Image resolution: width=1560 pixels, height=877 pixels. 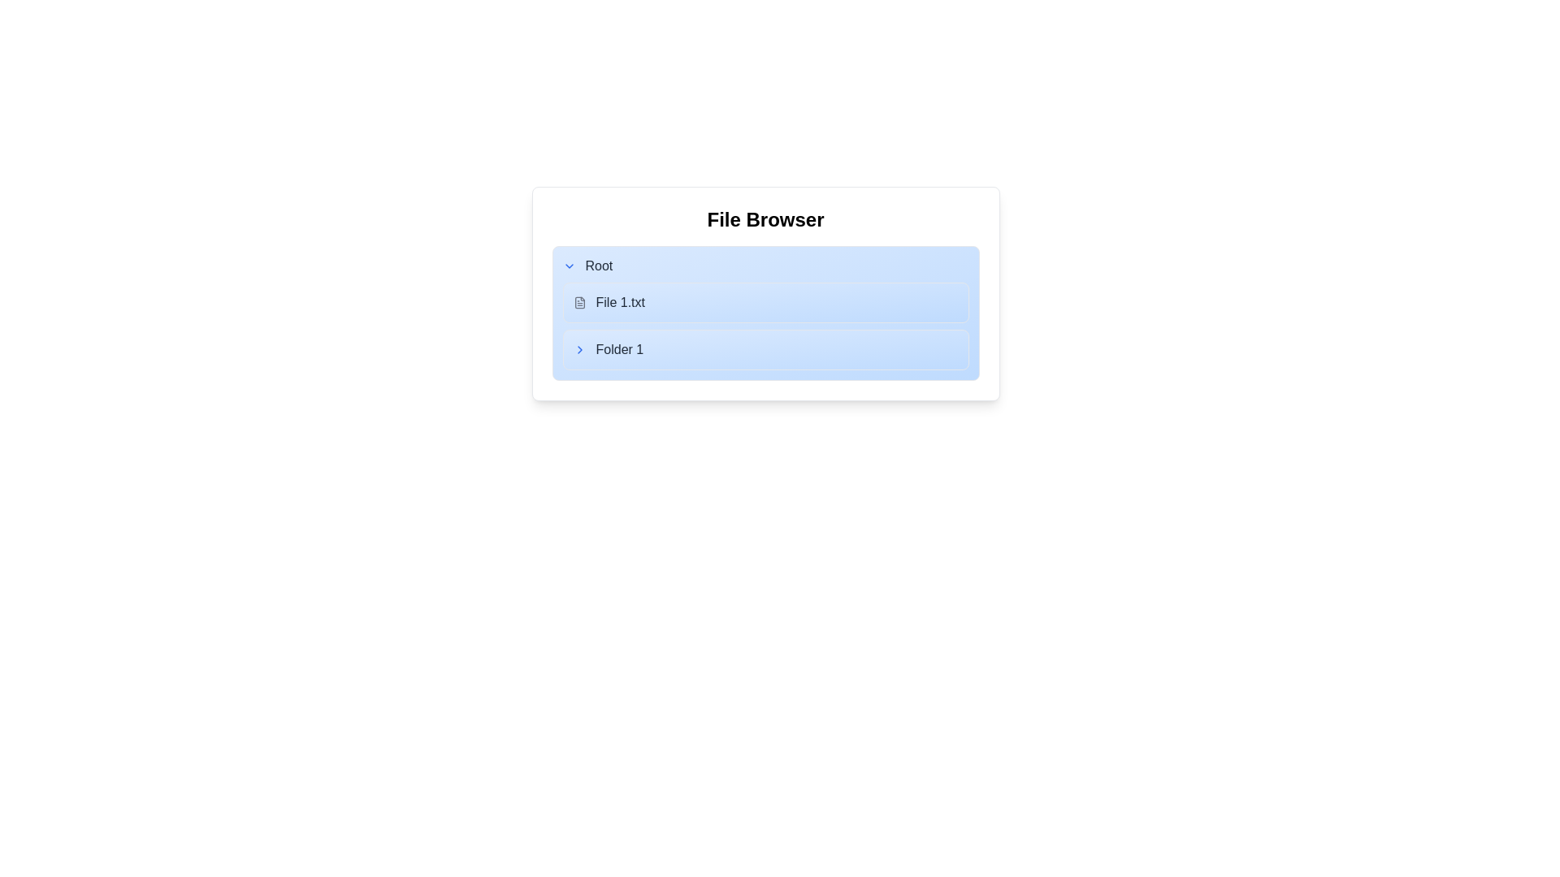 I want to click on the document icon that is styled in gray and positioned to the left of the text 'File 1.txt' in the list under 'Root', so click(x=579, y=303).